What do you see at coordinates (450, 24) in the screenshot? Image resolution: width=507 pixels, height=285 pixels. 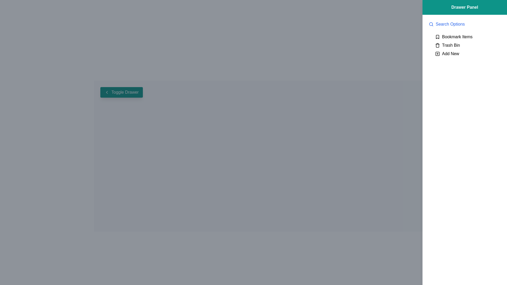 I see `the 'Search Options' text label, which is styled in blue and located adjacent to a magnifying glass icon in the top-right section of the drawer panel` at bounding box center [450, 24].